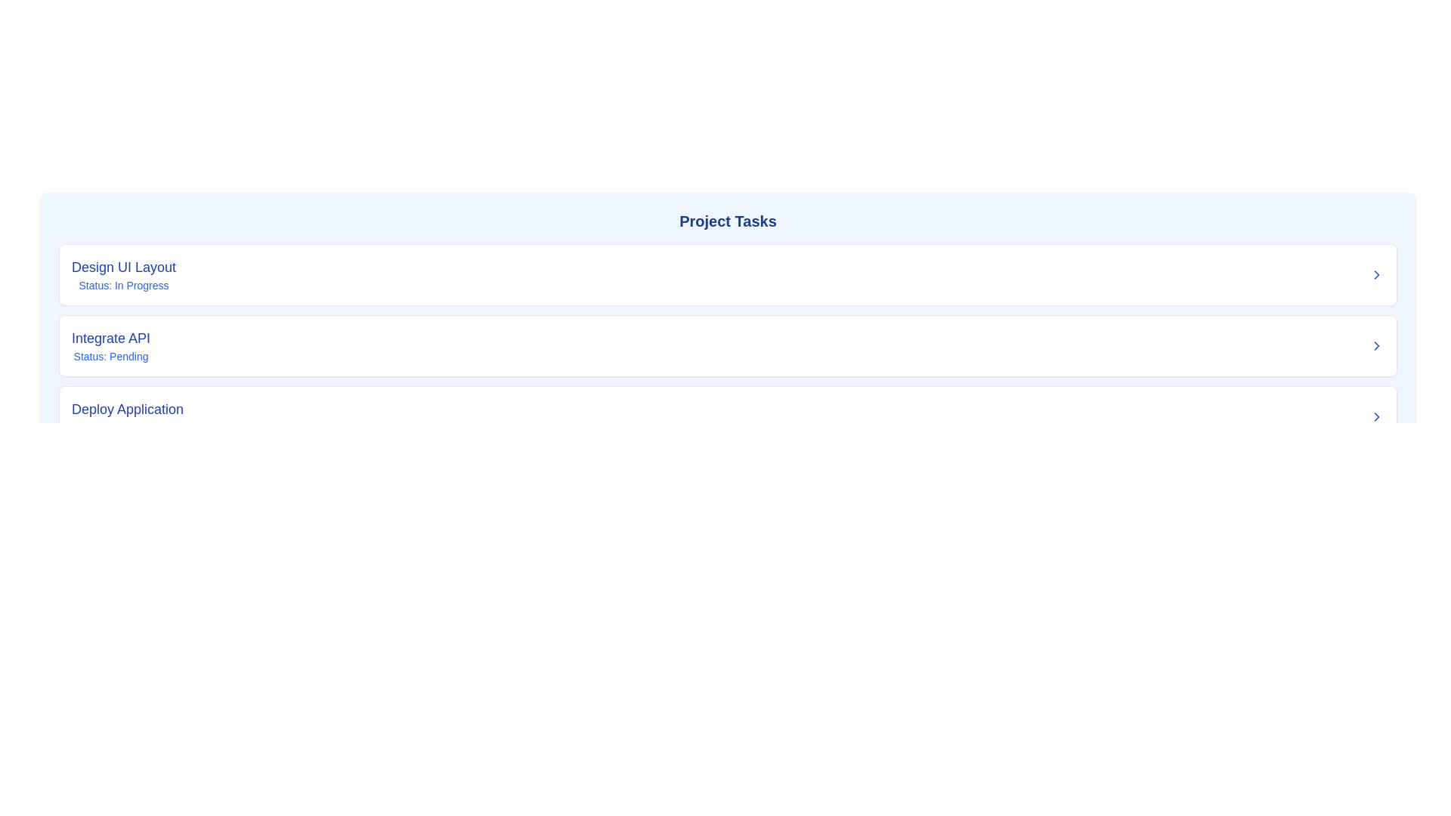  Describe the element at coordinates (110, 356) in the screenshot. I see `text content of the status display for the task 'Integrate API', which indicates its current state as 'Pending'` at that location.